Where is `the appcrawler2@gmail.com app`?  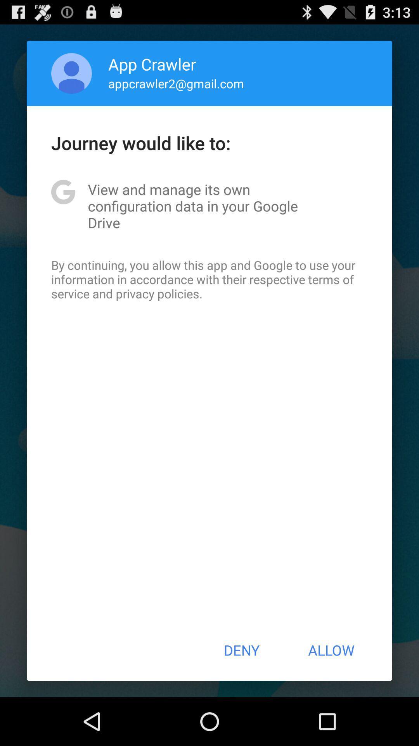
the appcrawler2@gmail.com app is located at coordinates (176, 83).